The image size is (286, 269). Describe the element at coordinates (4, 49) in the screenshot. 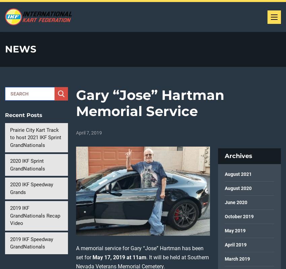

I see `'News'` at that location.